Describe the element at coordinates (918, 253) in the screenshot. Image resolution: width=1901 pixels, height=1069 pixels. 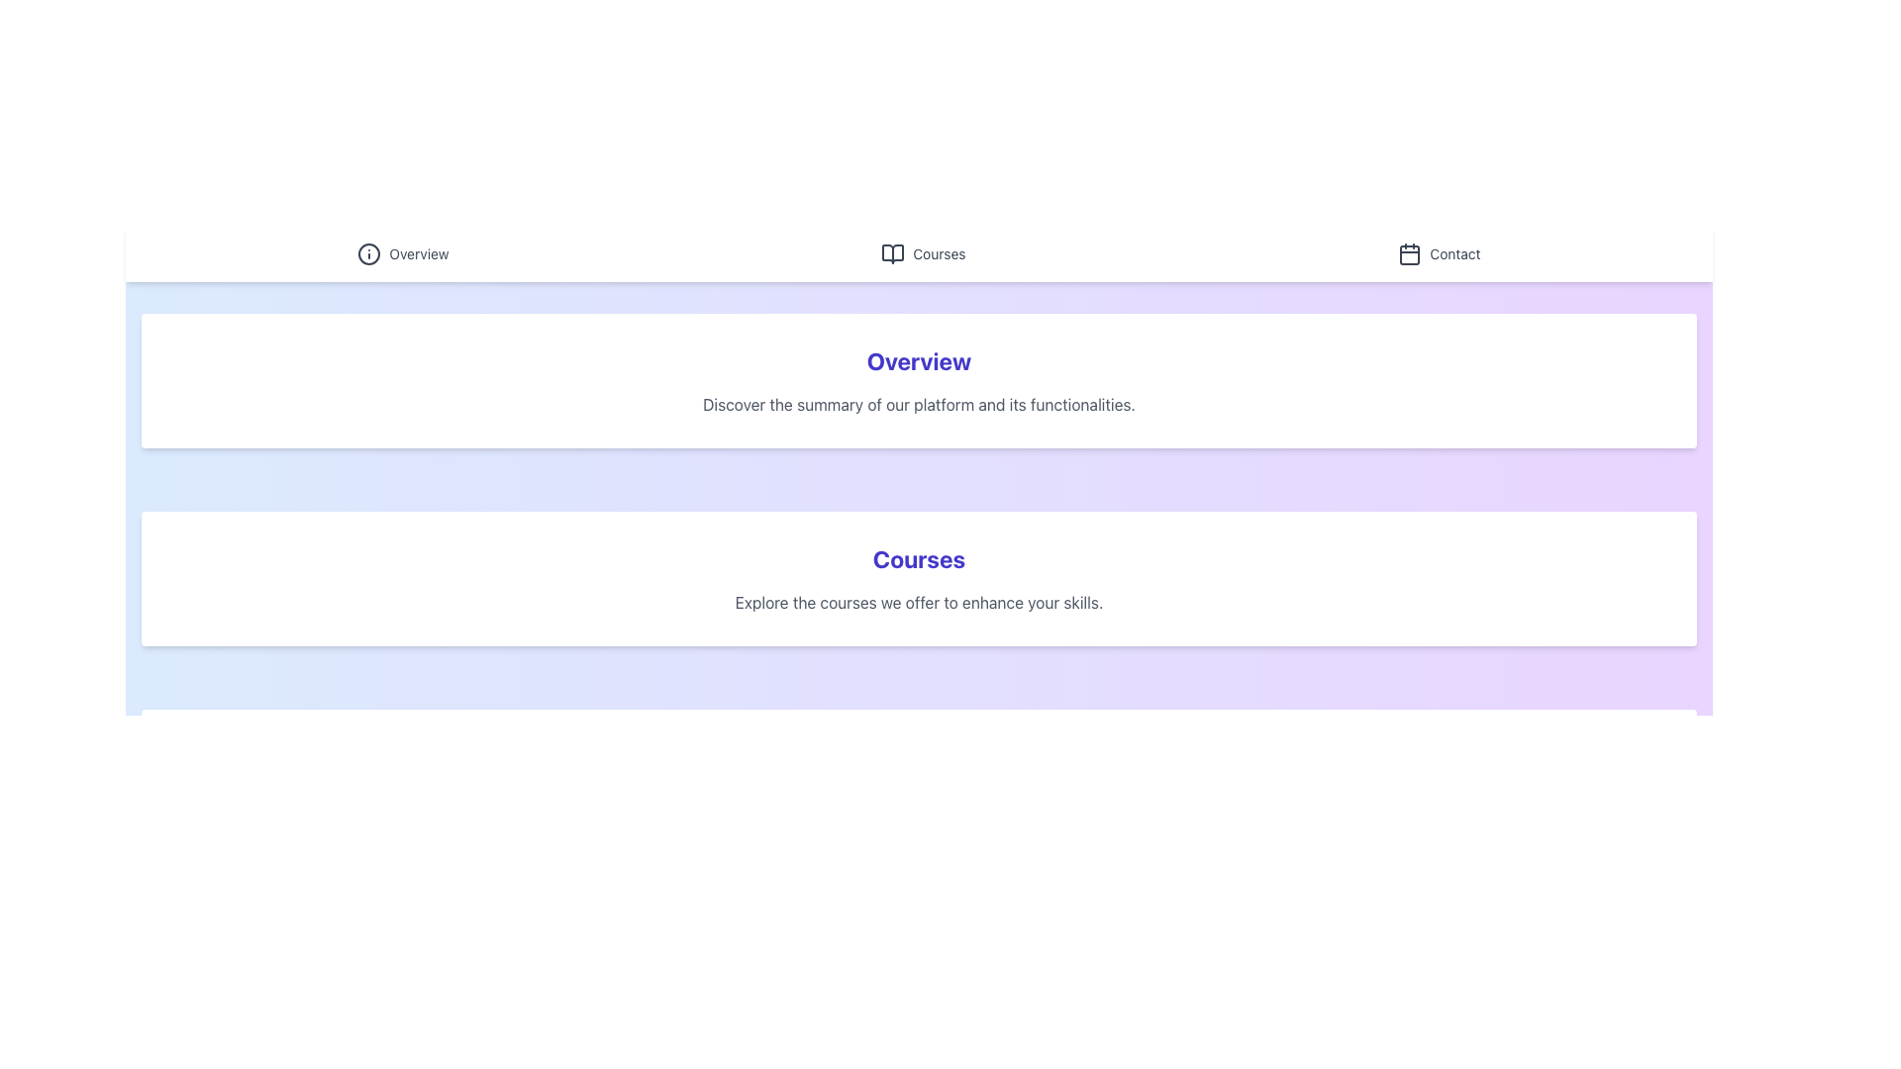
I see `the 'Courses' link in the top navigation bar` at that location.